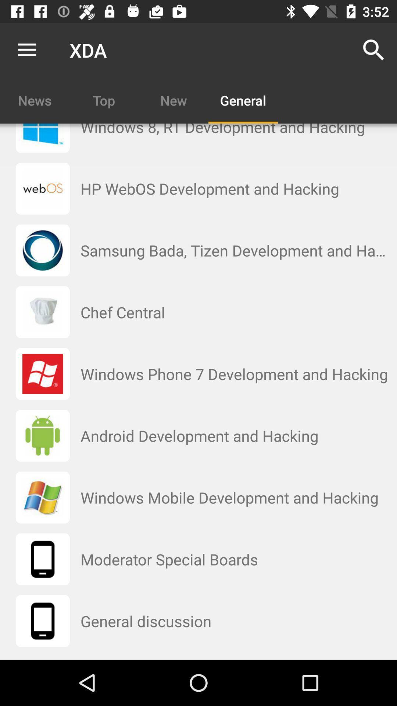  What do you see at coordinates (374, 50) in the screenshot?
I see `the app to the right of the xda item` at bounding box center [374, 50].